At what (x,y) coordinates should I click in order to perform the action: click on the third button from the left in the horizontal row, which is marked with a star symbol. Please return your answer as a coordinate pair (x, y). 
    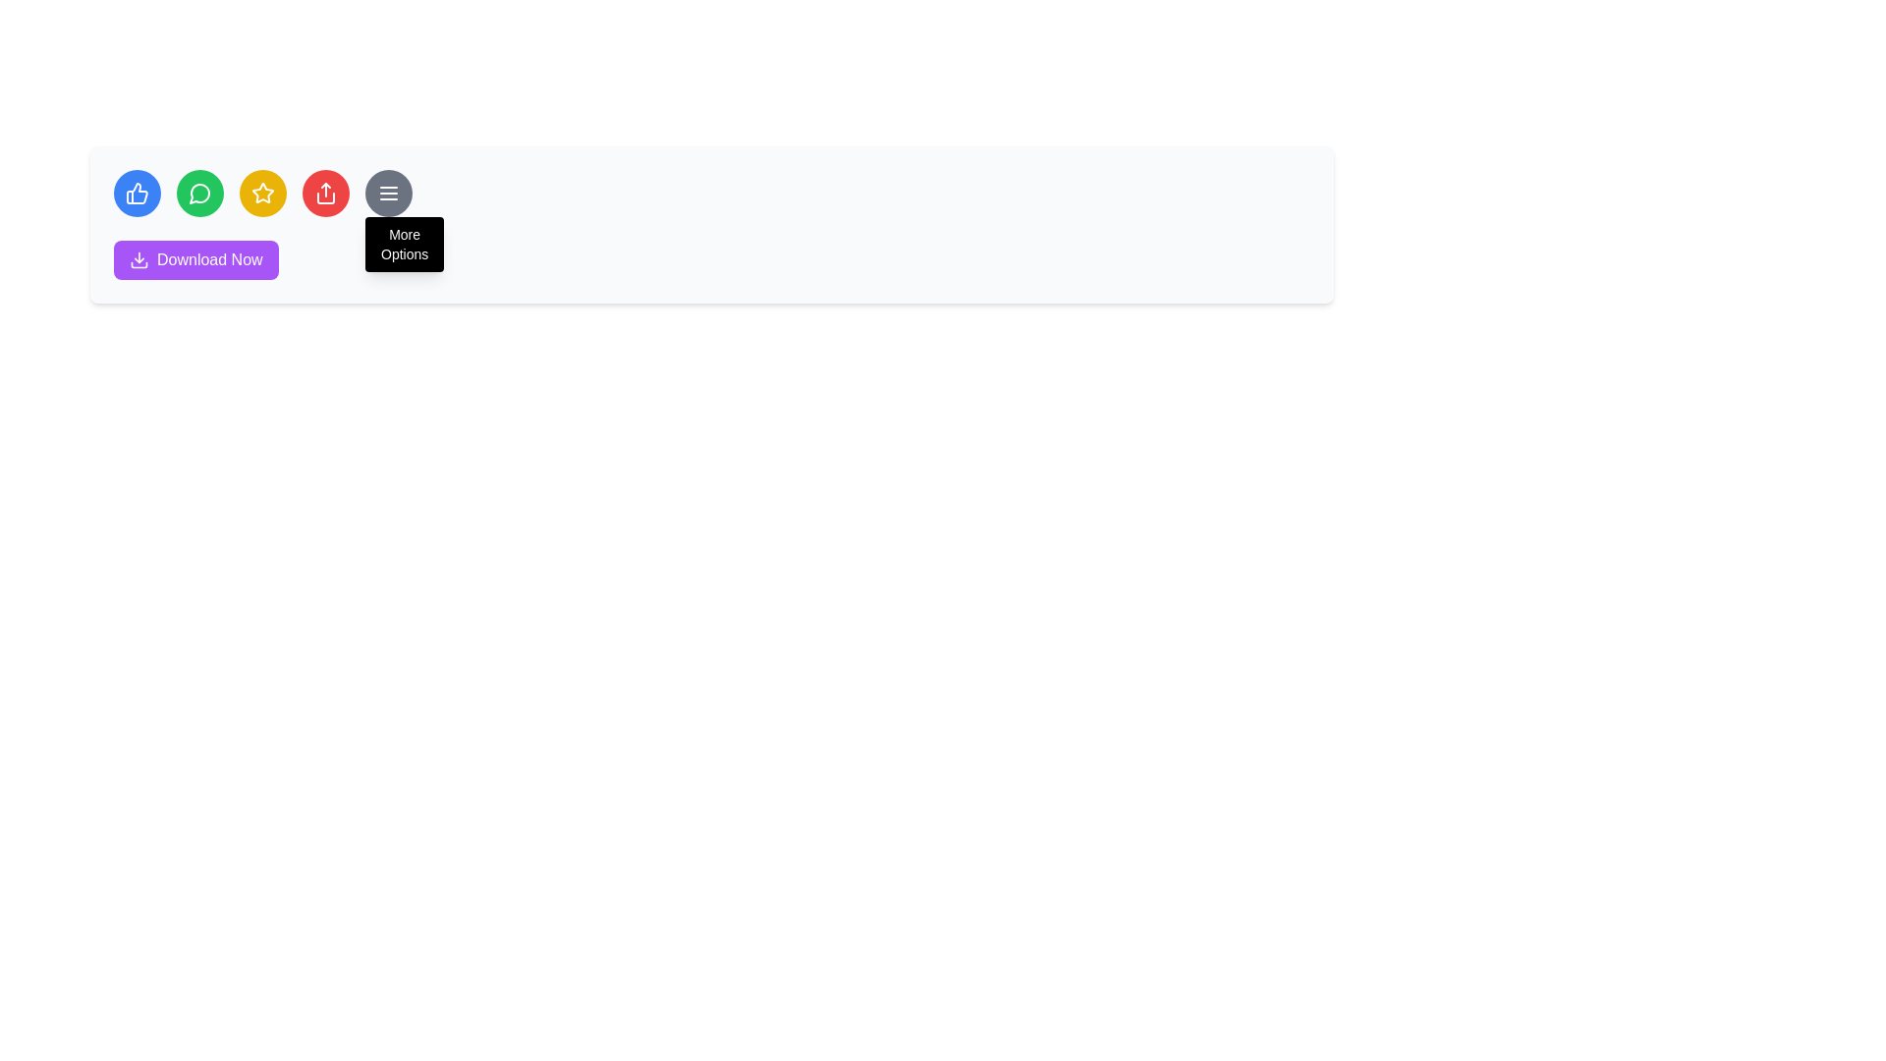
    Looking at the image, I should click on (262, 193).